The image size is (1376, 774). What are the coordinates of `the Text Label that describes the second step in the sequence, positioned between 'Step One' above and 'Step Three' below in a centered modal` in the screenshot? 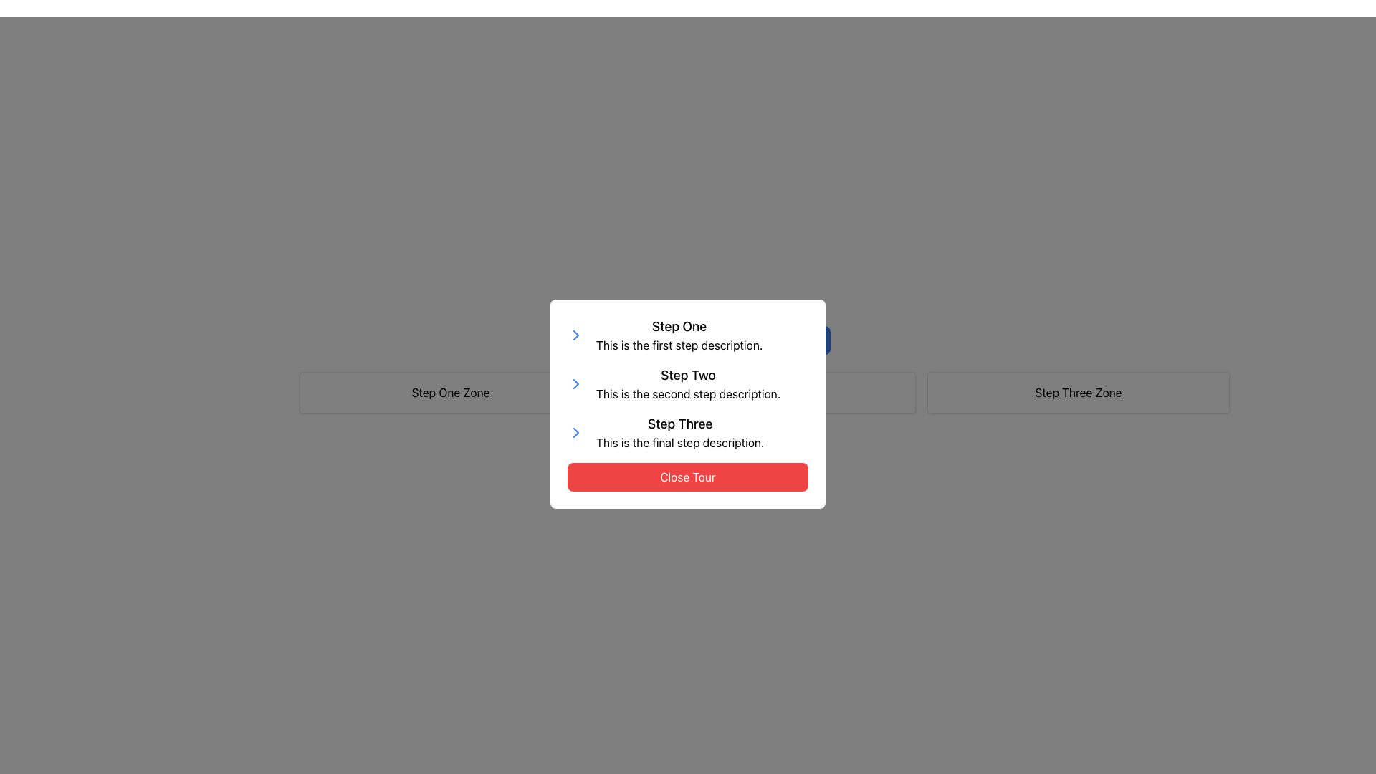 It's located at (688, 383).